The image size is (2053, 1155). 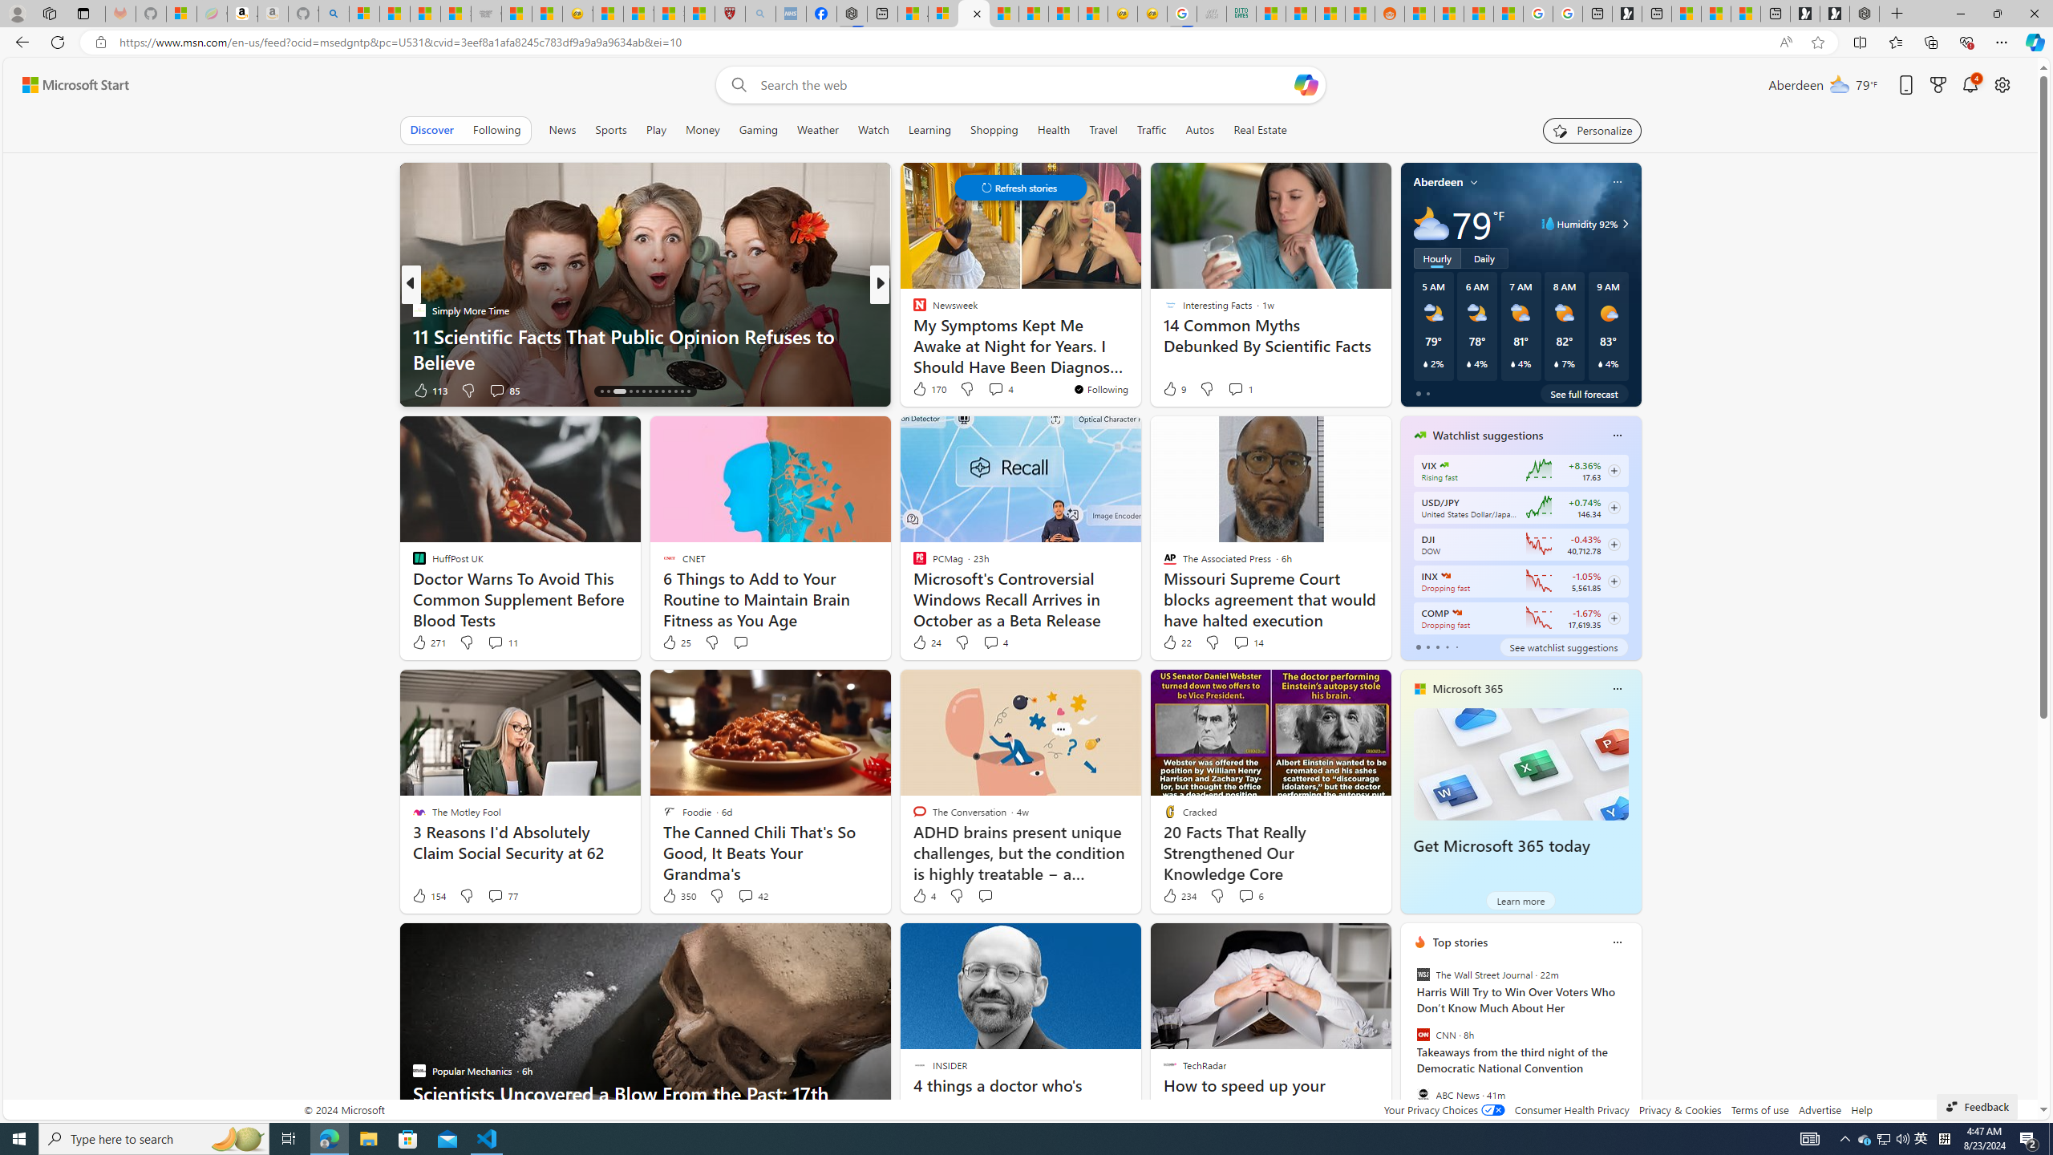 I want to click on 'Class: weather-arrow-glyph', so click(x=1624, y=224).